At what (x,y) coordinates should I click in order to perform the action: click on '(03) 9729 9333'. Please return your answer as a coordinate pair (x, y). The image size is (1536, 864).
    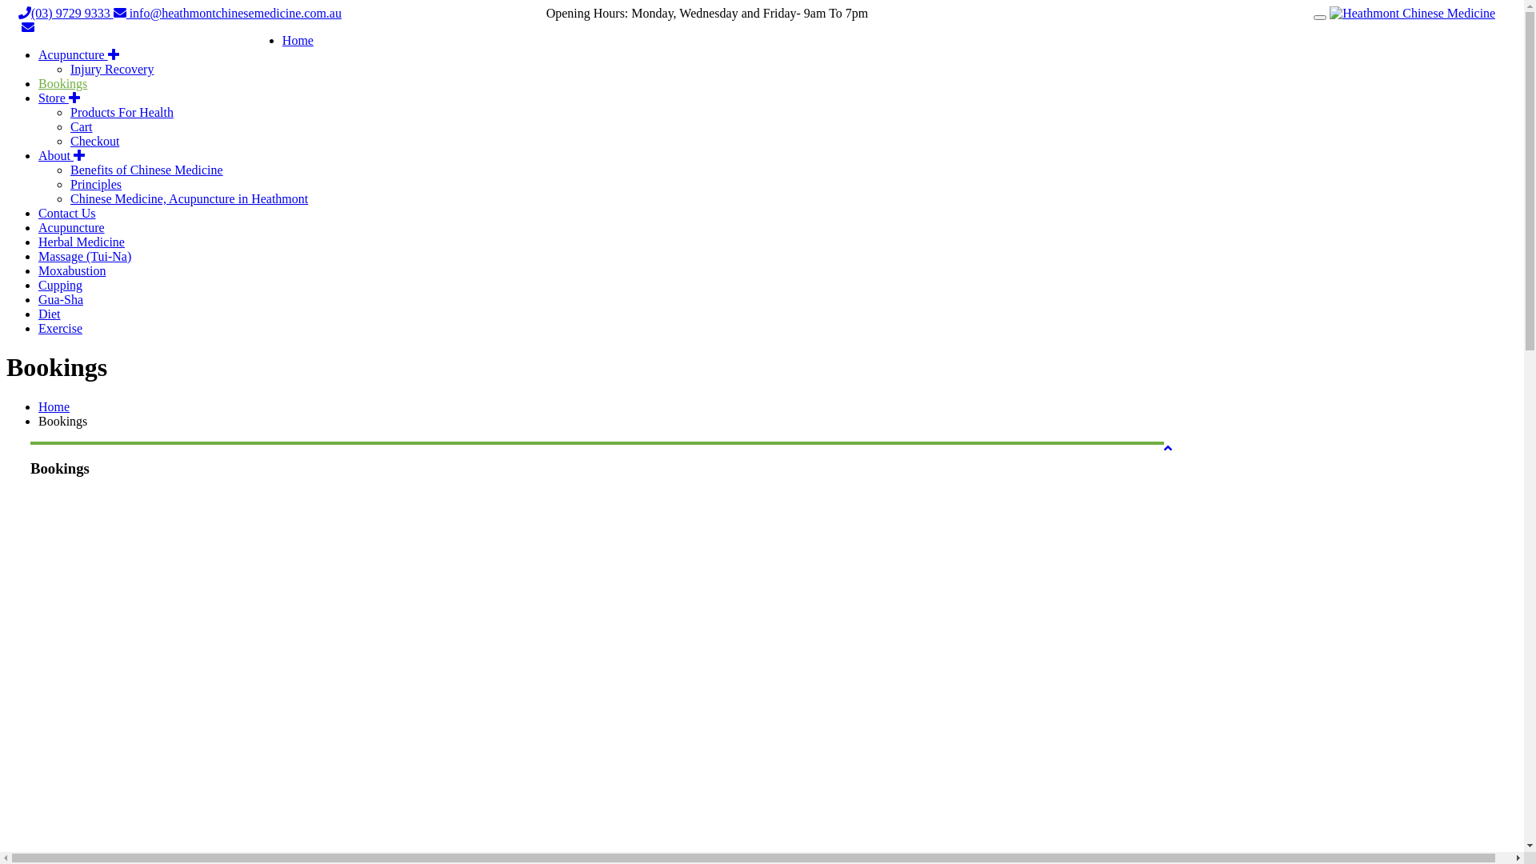
    Looking at the image, I should click on (18, 13).